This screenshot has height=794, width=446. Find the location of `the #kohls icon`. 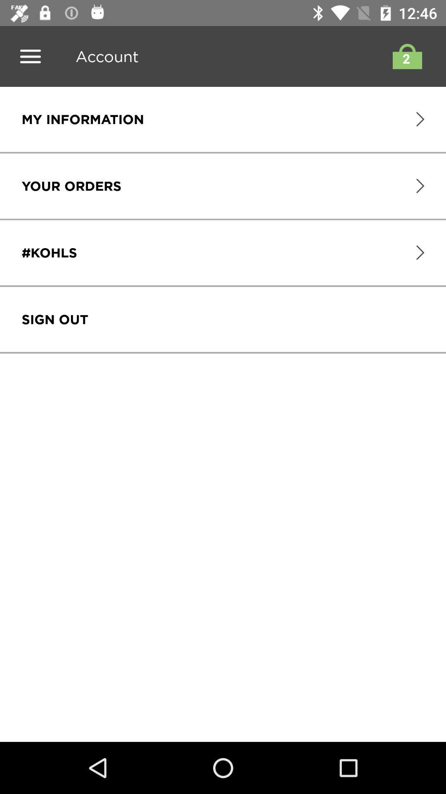

the #kohls icon is located at coordinates (49, 252).